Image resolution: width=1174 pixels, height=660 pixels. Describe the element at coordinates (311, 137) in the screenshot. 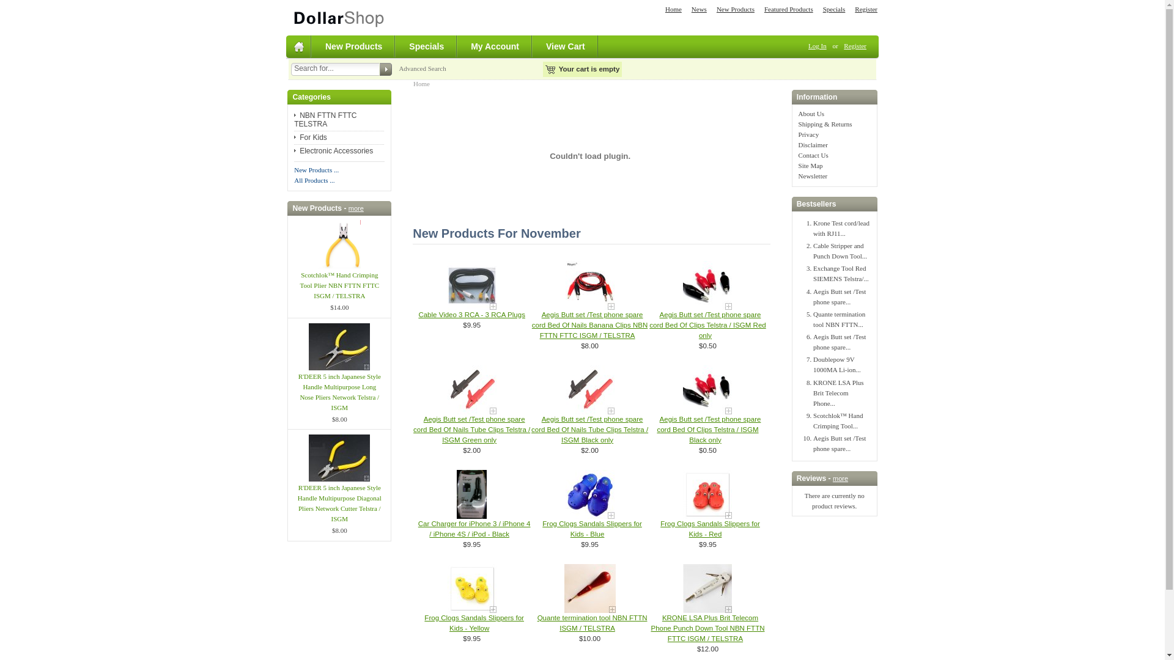

I see `'For Kids'` at that location.